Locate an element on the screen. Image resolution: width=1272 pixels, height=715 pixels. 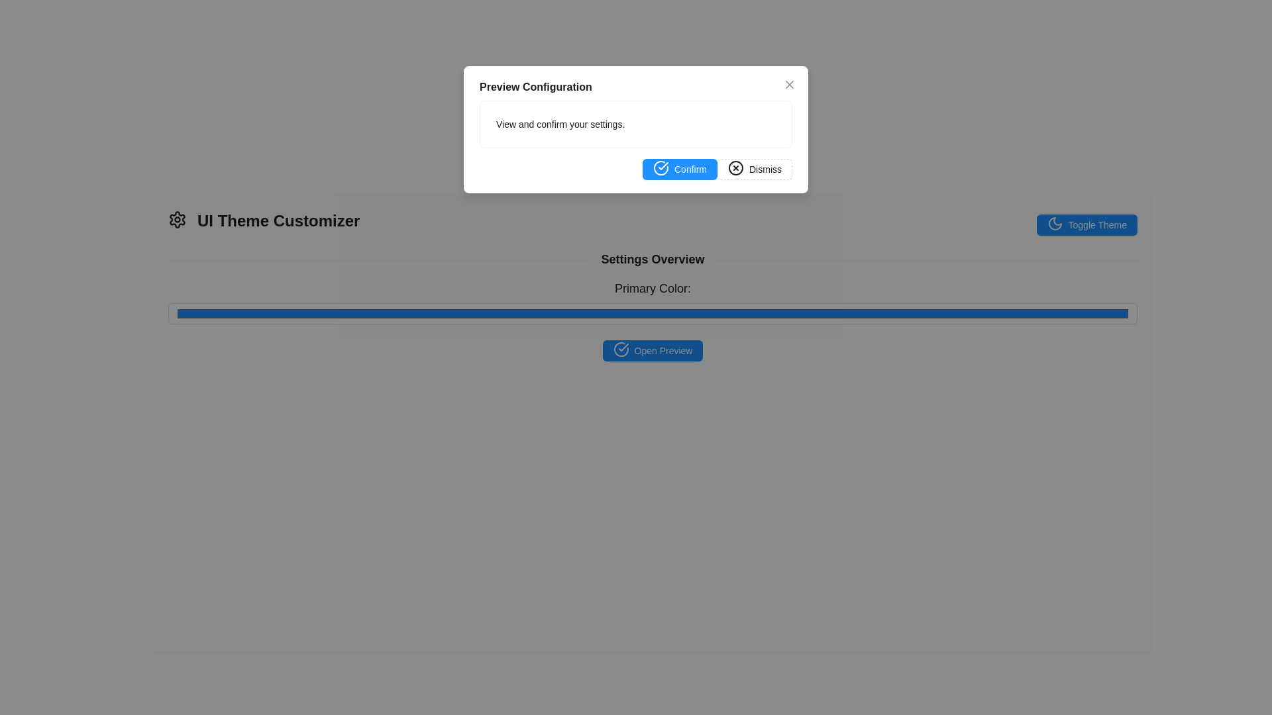
the Color input field for customization, located below the 'Primary Color:' label is located at coordinates (653, 314).